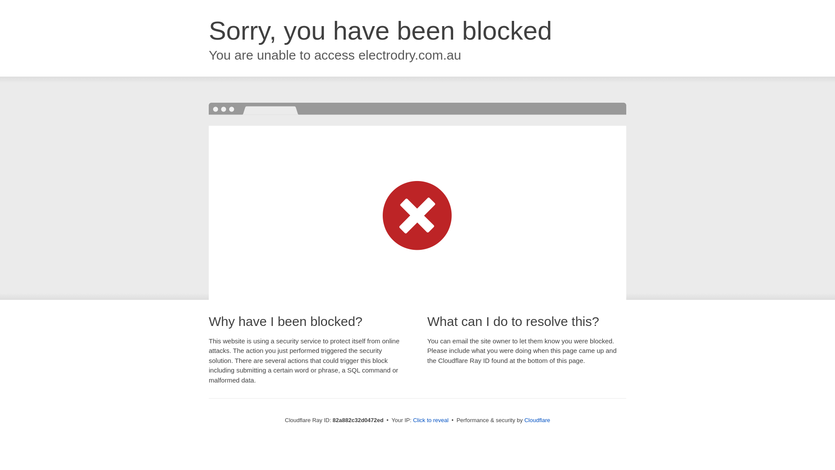  What do you see at coordinates (537, 420) in the screenshot?
I see `'Cloudflare'` at bounding box center [537, 420].